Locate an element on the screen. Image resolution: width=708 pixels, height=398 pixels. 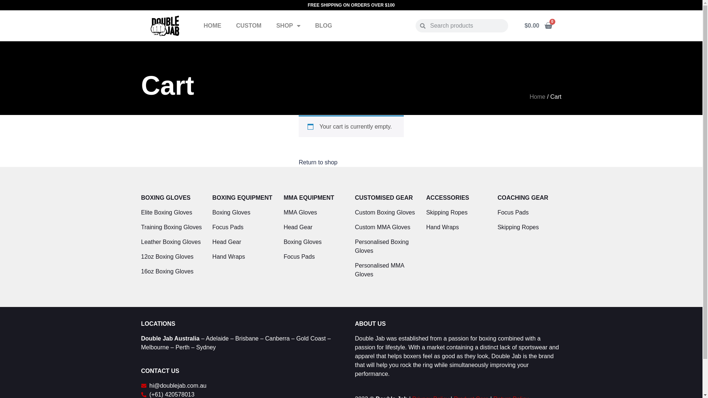
'Personalised Boxing Gloves' is located at coordinates (386, 246).